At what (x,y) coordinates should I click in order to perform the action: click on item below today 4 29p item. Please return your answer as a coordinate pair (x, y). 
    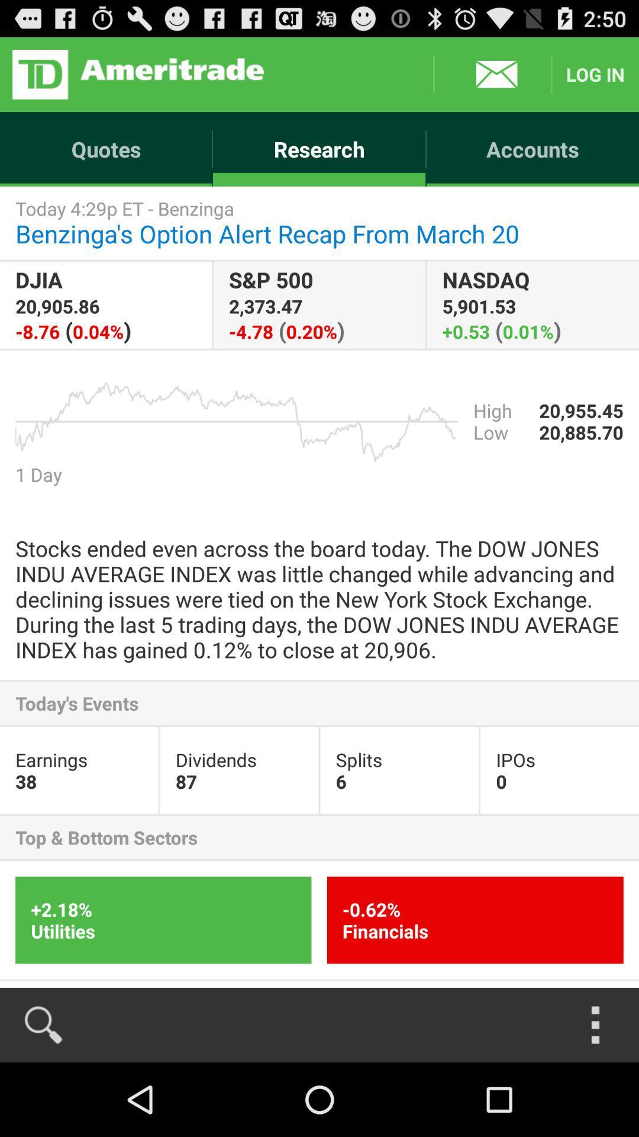
    Looking at the image, I should click on (532, 305).